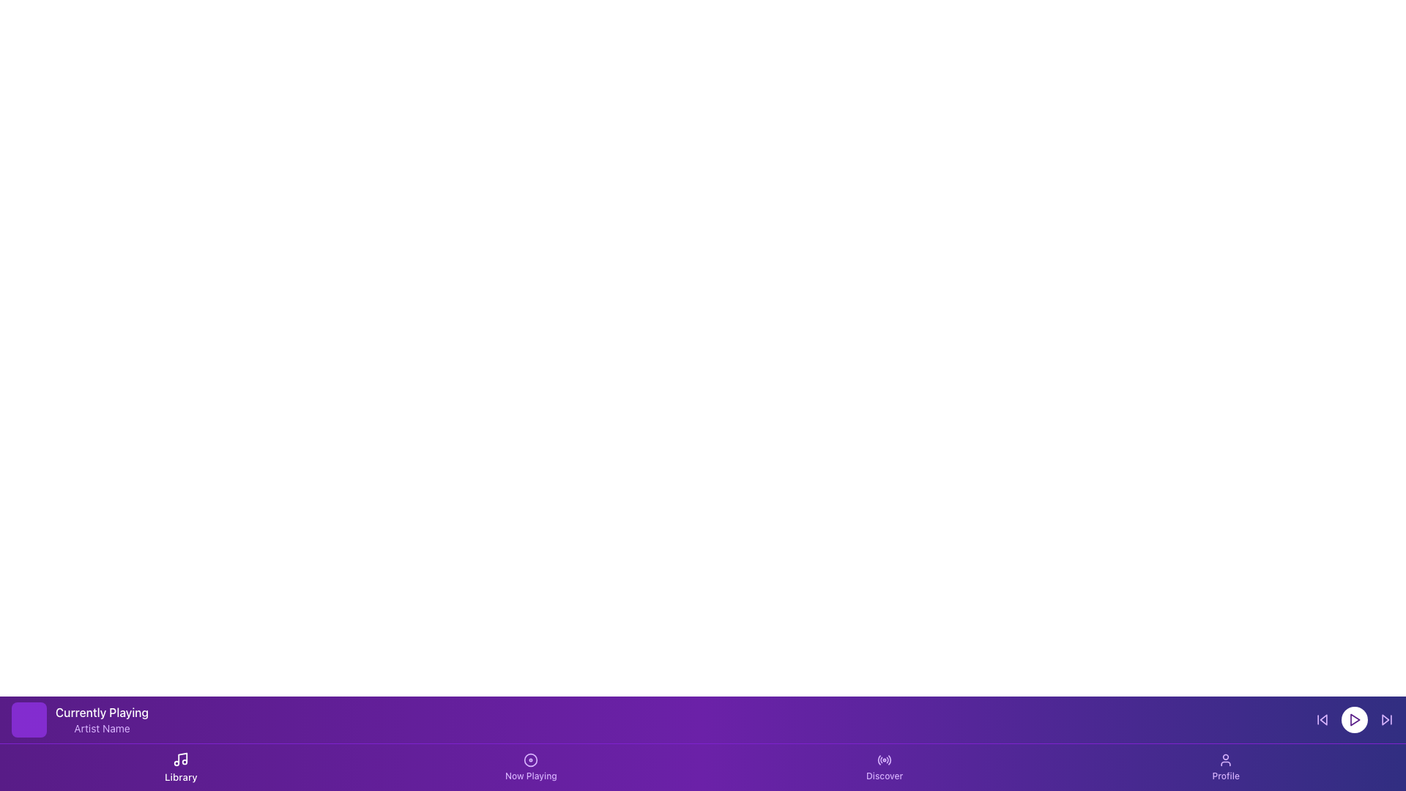 The image size is (1406, 791). Describe the element at coordinates (101, 711) in the screenshot. I see `the status indicator label located near the bottom-left corner of the interface, above the text 'Artist Name'` at that location.